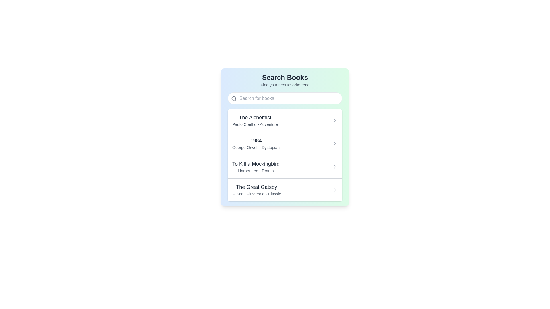 This screenshot has width=550, height=309. Describe the element at coordinates (285, 77) in the screenshot. I see `the Text header at the top of the search section, which serves as the title indicating its purpose to users` at that location.